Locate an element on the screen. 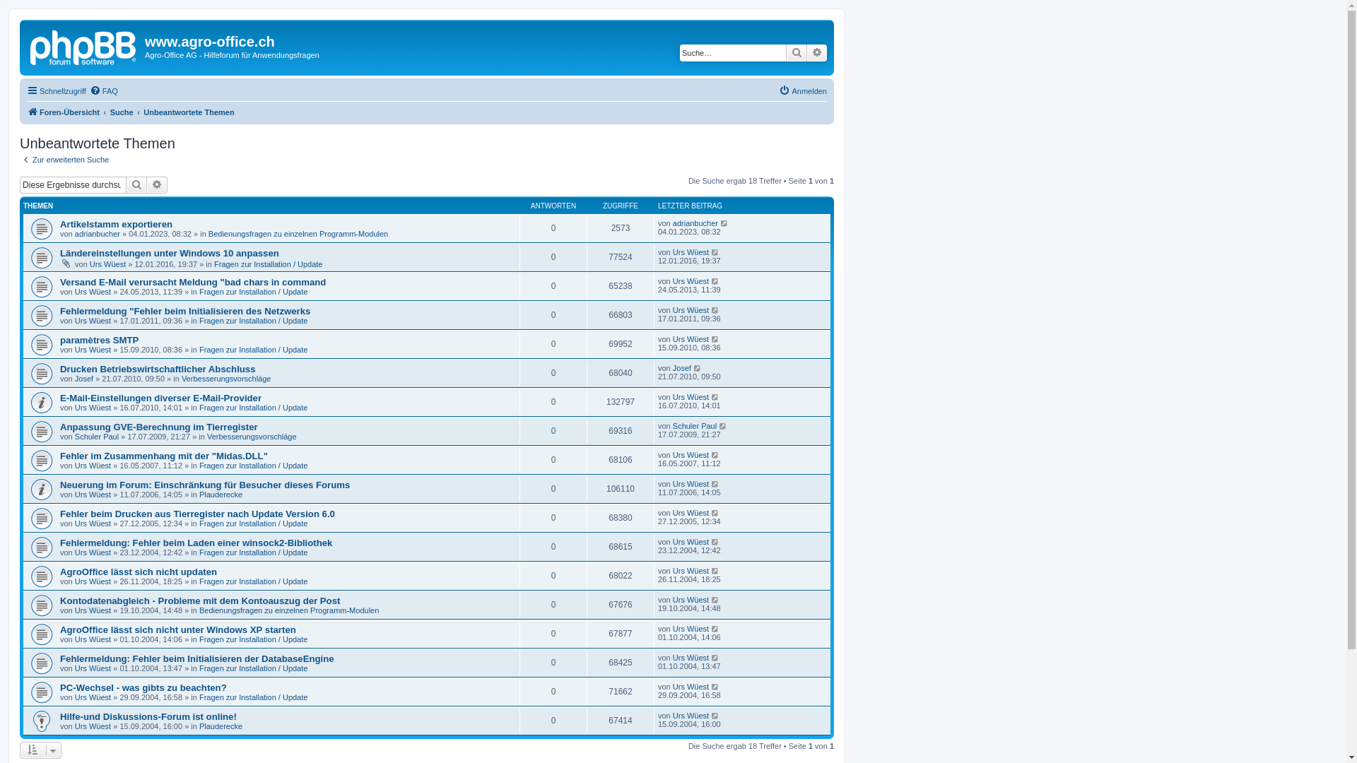  'Gehe zum letzten Beitrag' is located at coordinates (711, 338).